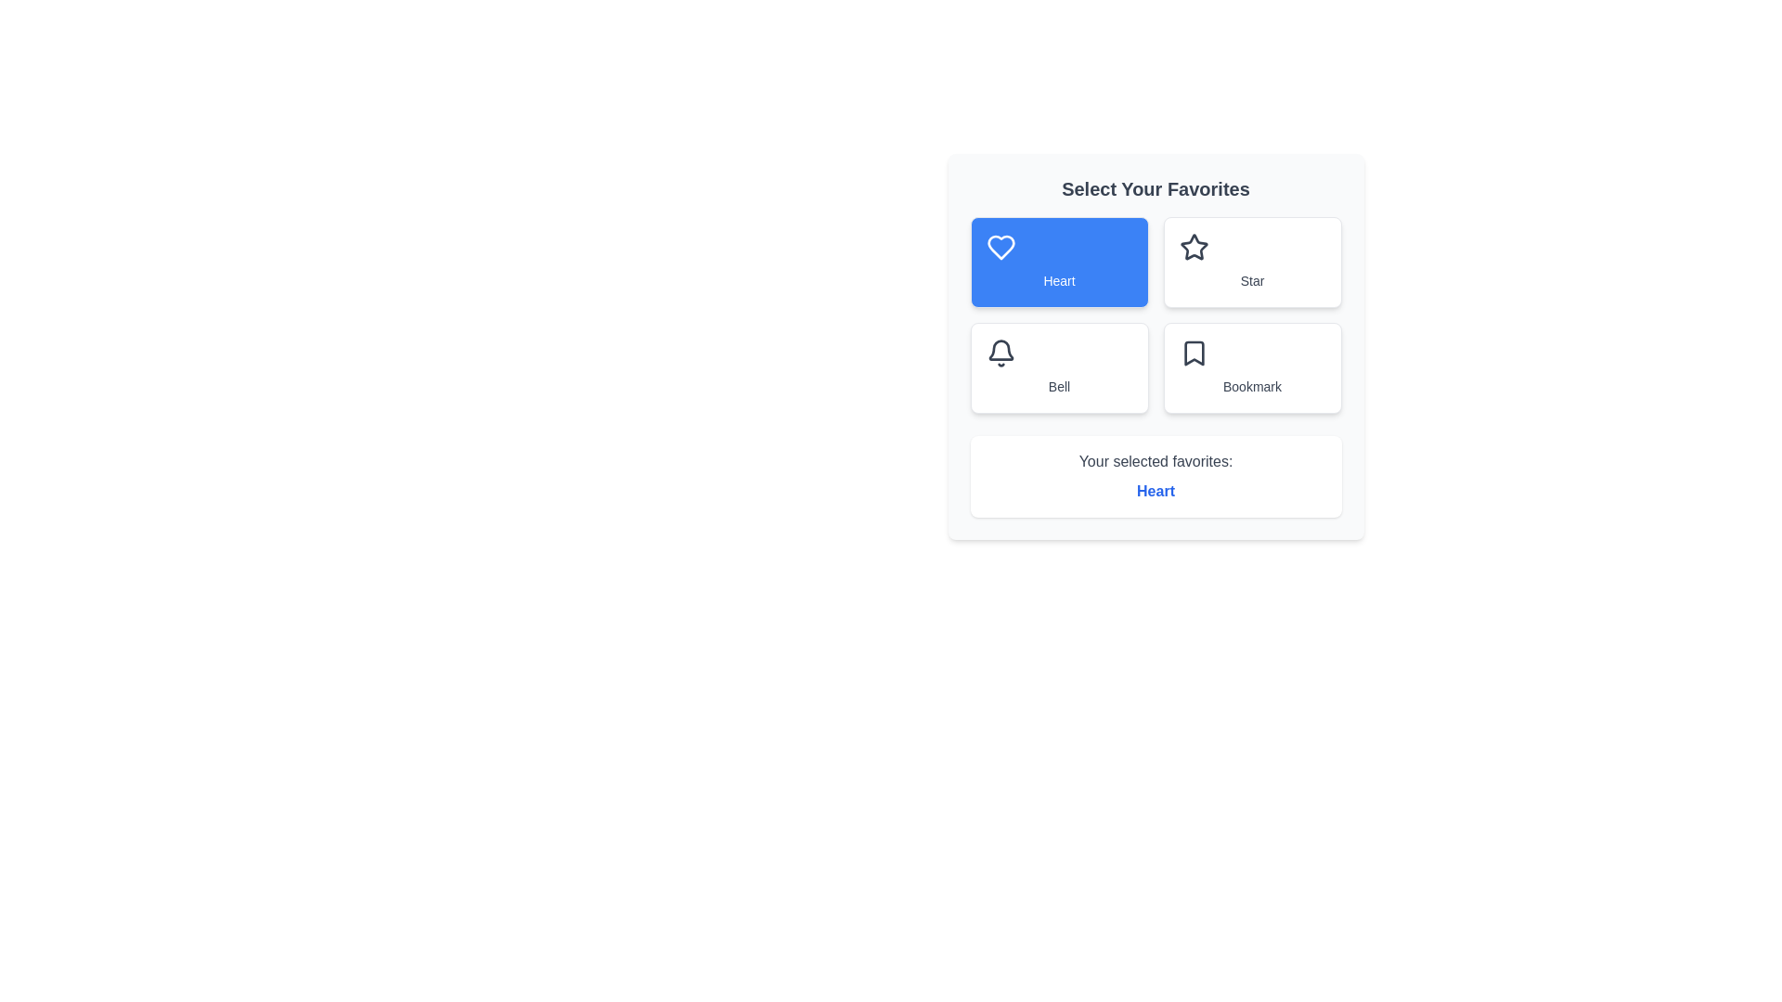 This screenshot has width=1782, height=1002. What do you see at coordinates (1252, 262) in the screenshot?
I see `the favorite icon Star` at bounding box center [1252, 262].